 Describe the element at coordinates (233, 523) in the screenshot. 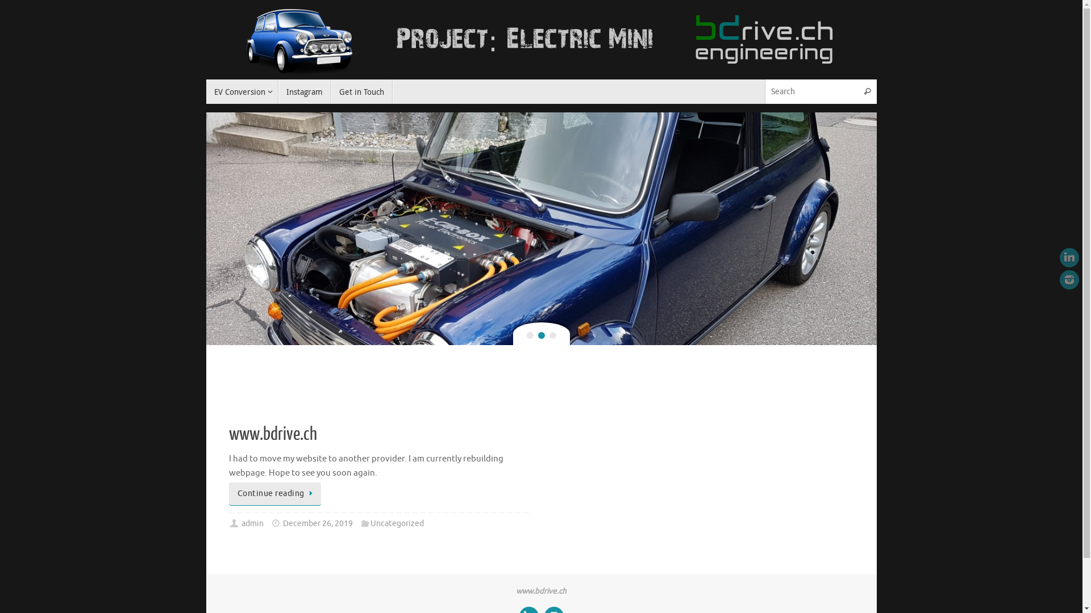

I see `'Author '` at that location.